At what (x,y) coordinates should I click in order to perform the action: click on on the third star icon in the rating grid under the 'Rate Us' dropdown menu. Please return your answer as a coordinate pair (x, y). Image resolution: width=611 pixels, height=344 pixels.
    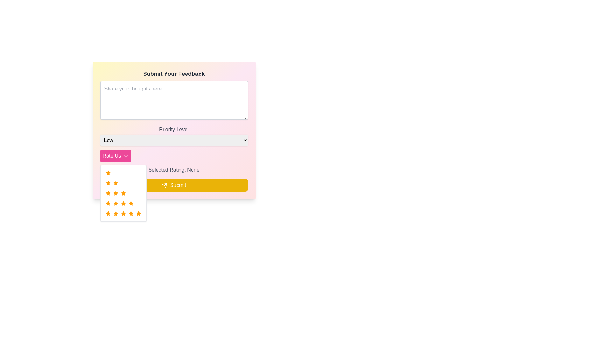
    Looking at the image, I should click on (108, 193).